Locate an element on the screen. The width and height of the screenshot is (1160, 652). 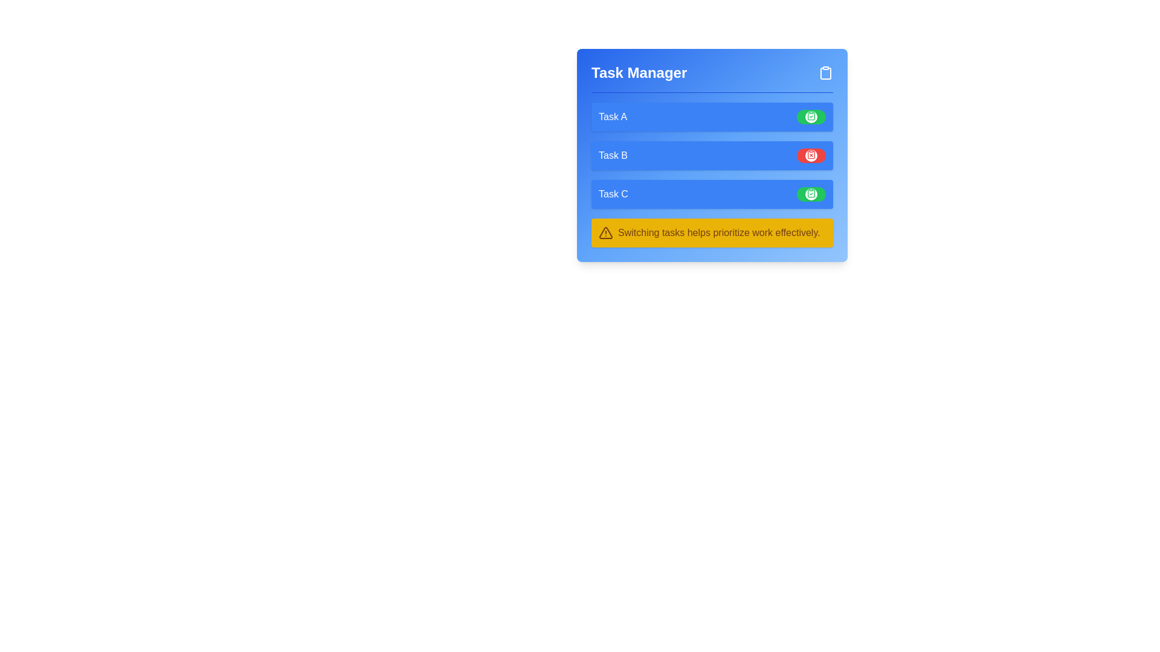
task management interface which contains multiple task items and an alert message, located below the 'Task Manager' title bar is located at coordinates (712, 174).